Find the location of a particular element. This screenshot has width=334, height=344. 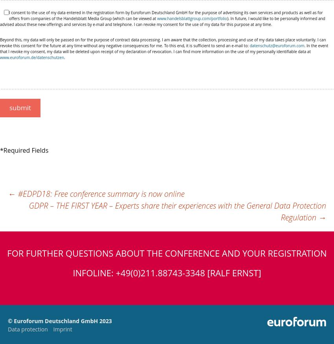

'Beyond this, my data will only be passed on for the purpose of contract data processing. I am aware that the collection, processing and use of my data takes place voluntarily. I can revoke this consent for the future at any time without any negative consequences for me. To this end, it is sufficient to send an e-mail to:' is located at coordinates (163, 43).